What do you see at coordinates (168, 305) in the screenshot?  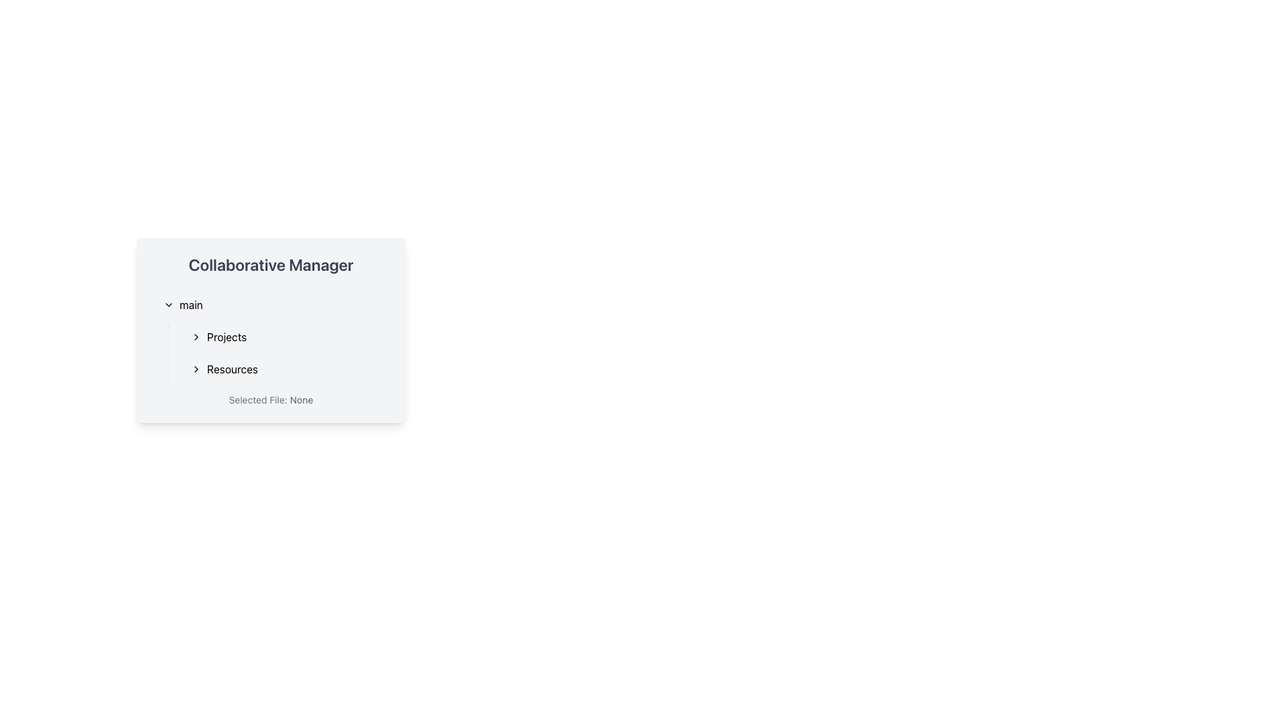 I see `the Chevron Icon located to the left of the text 'main' in the 'Collaborative Manager' menu` at bounding box center [168, 305].